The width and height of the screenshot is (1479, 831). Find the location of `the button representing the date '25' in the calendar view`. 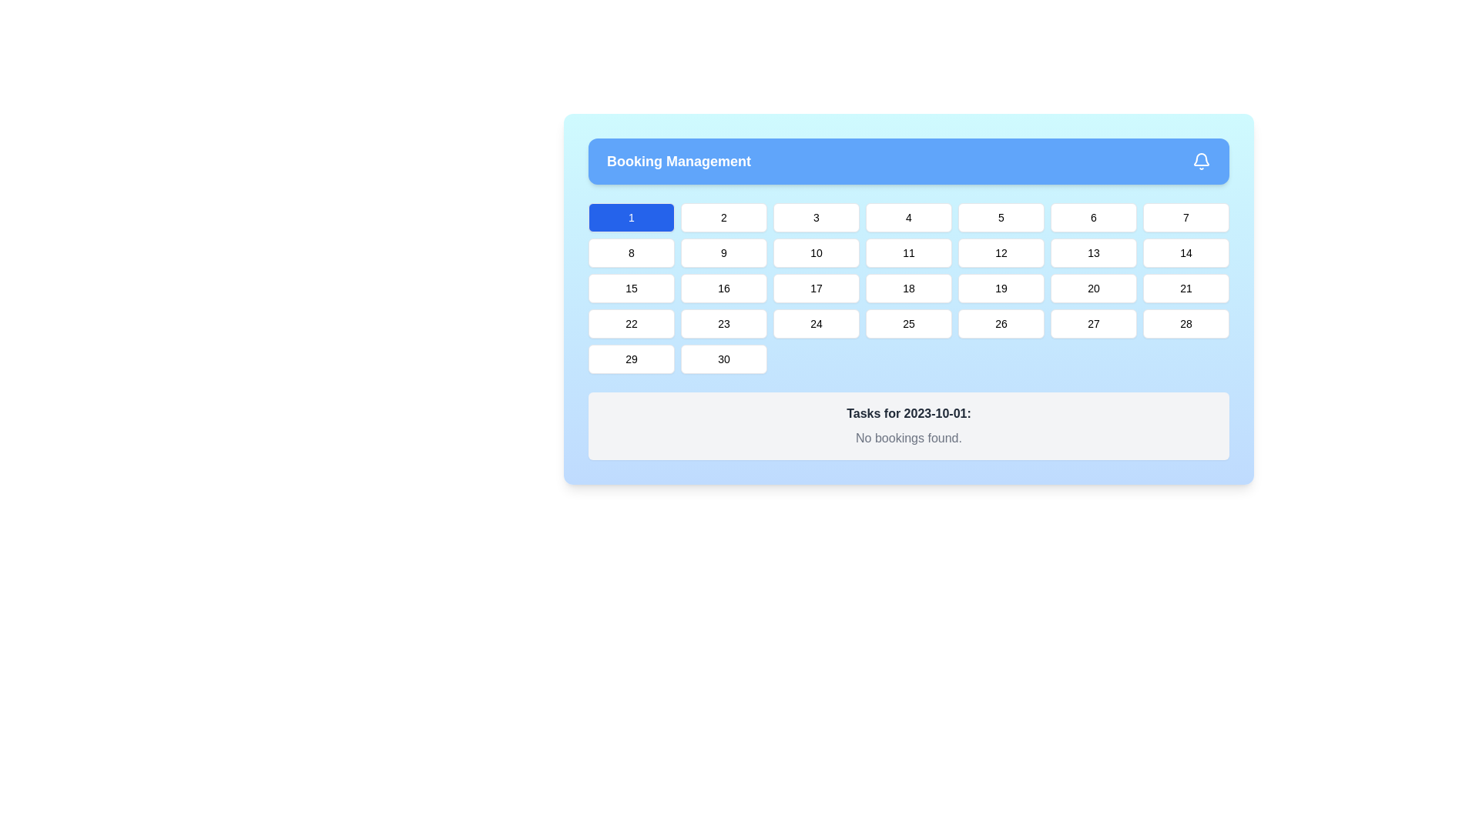

the button representing the date '25' in the calendar view is located at coordinates (909, 322).